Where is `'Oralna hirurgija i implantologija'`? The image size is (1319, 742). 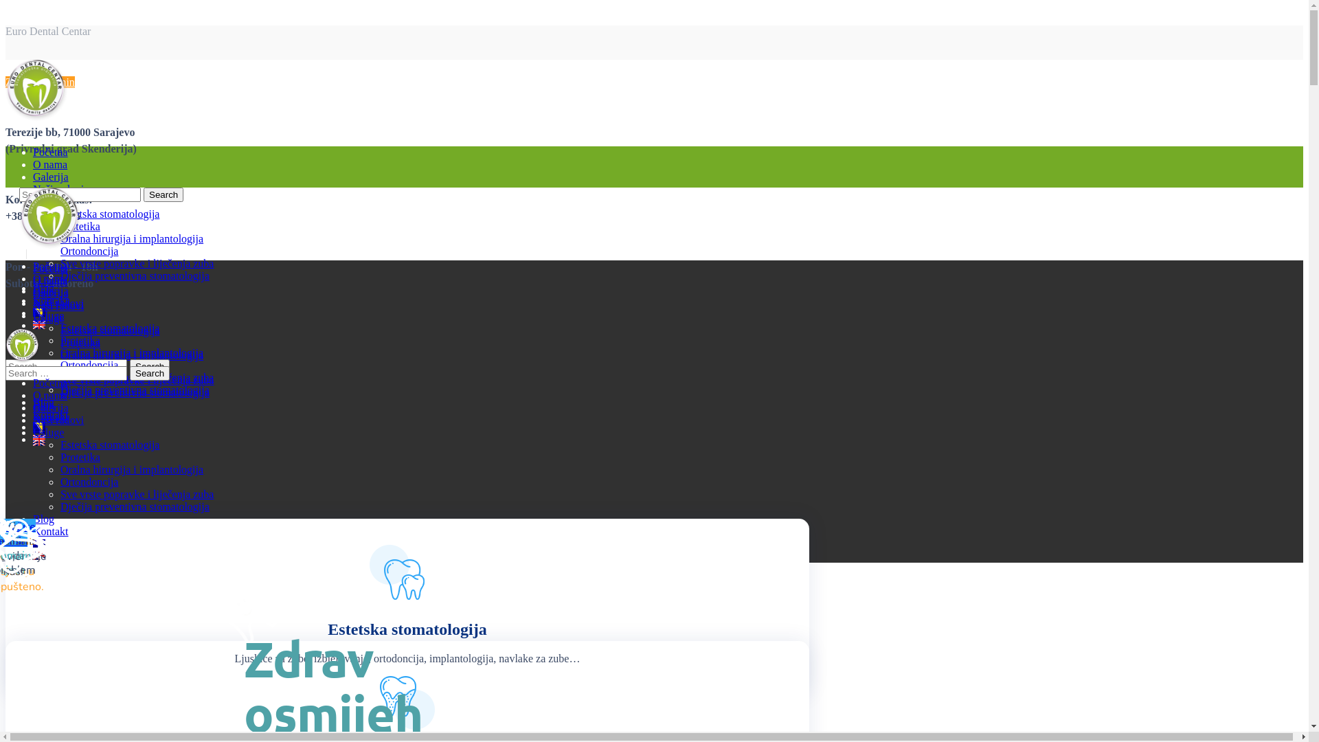
'Oralna hirurgija i implantologija' is located at coordinates (59, 469).